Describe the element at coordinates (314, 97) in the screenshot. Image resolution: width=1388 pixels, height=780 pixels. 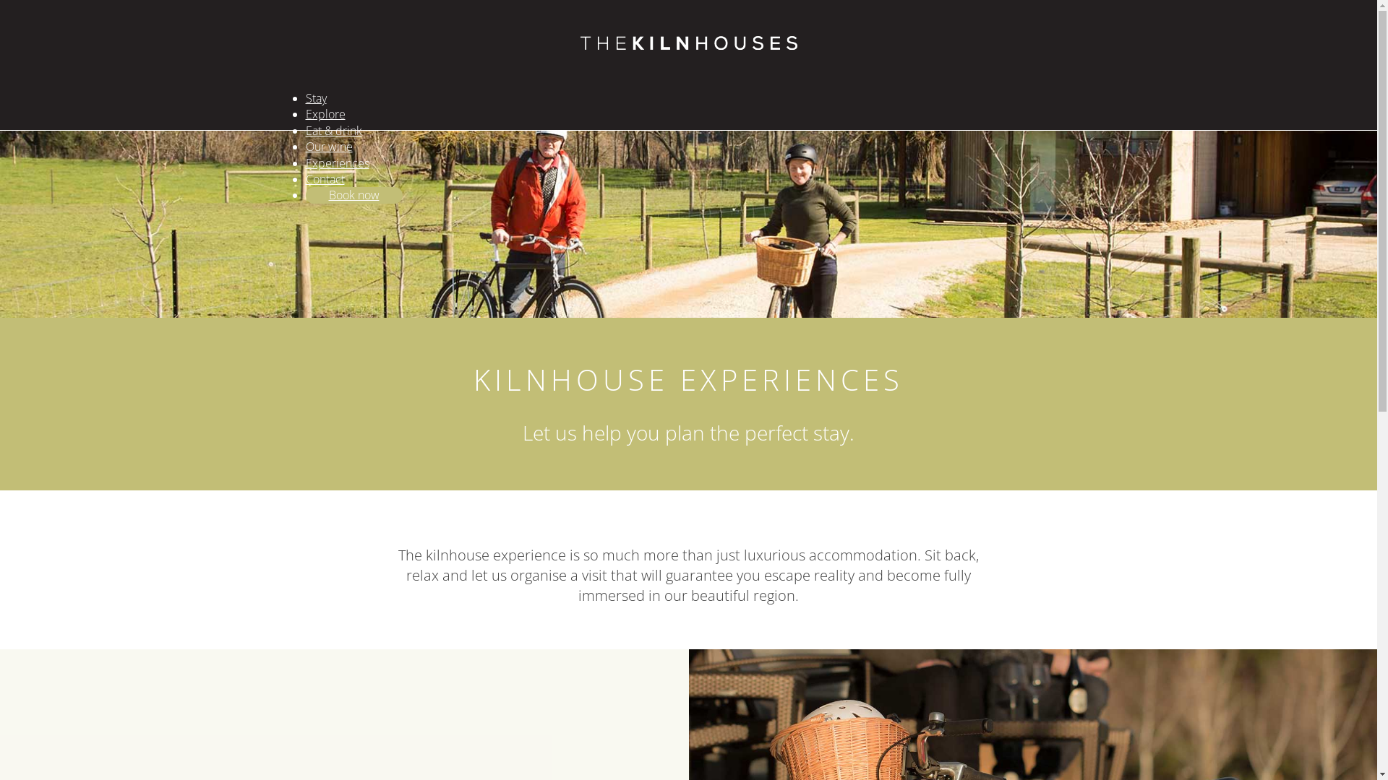
I see `'Stay'` at that location.